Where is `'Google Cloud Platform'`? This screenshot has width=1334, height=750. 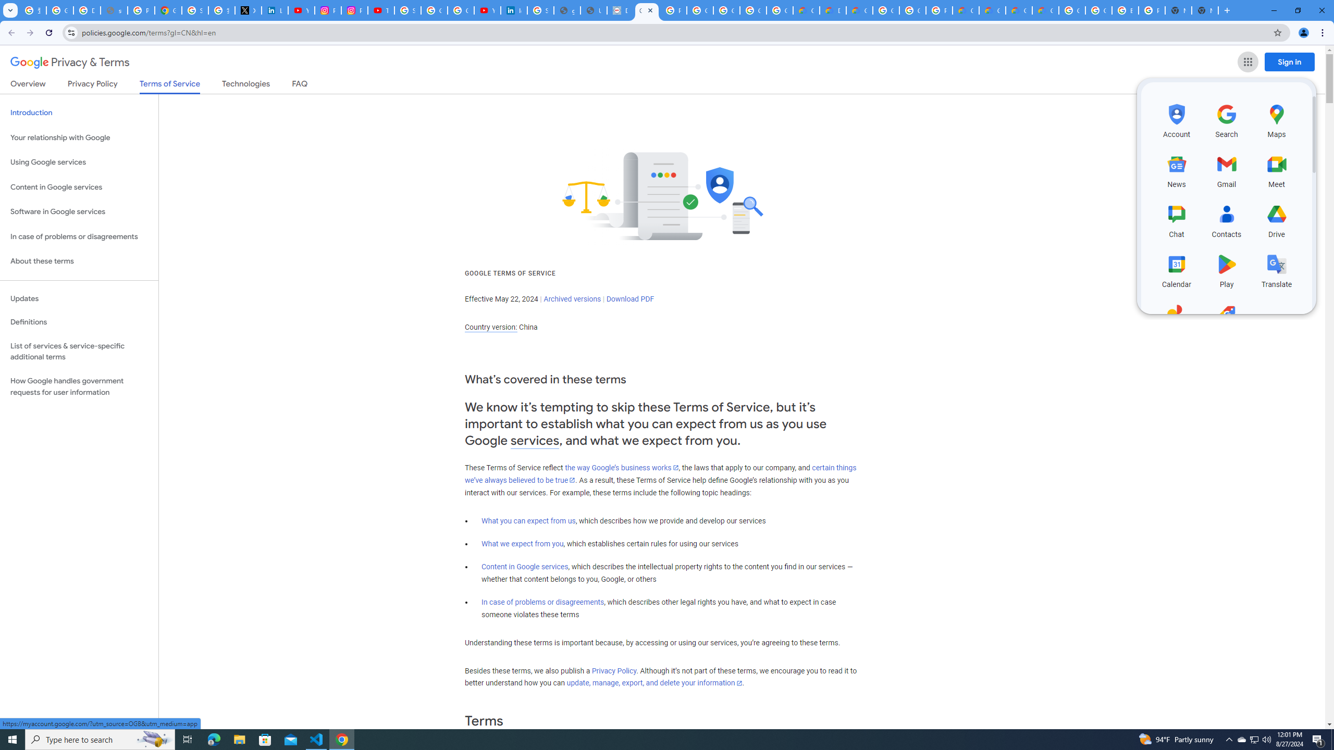
'Google Cloud Platform' is located at coordinates (1098, 10).